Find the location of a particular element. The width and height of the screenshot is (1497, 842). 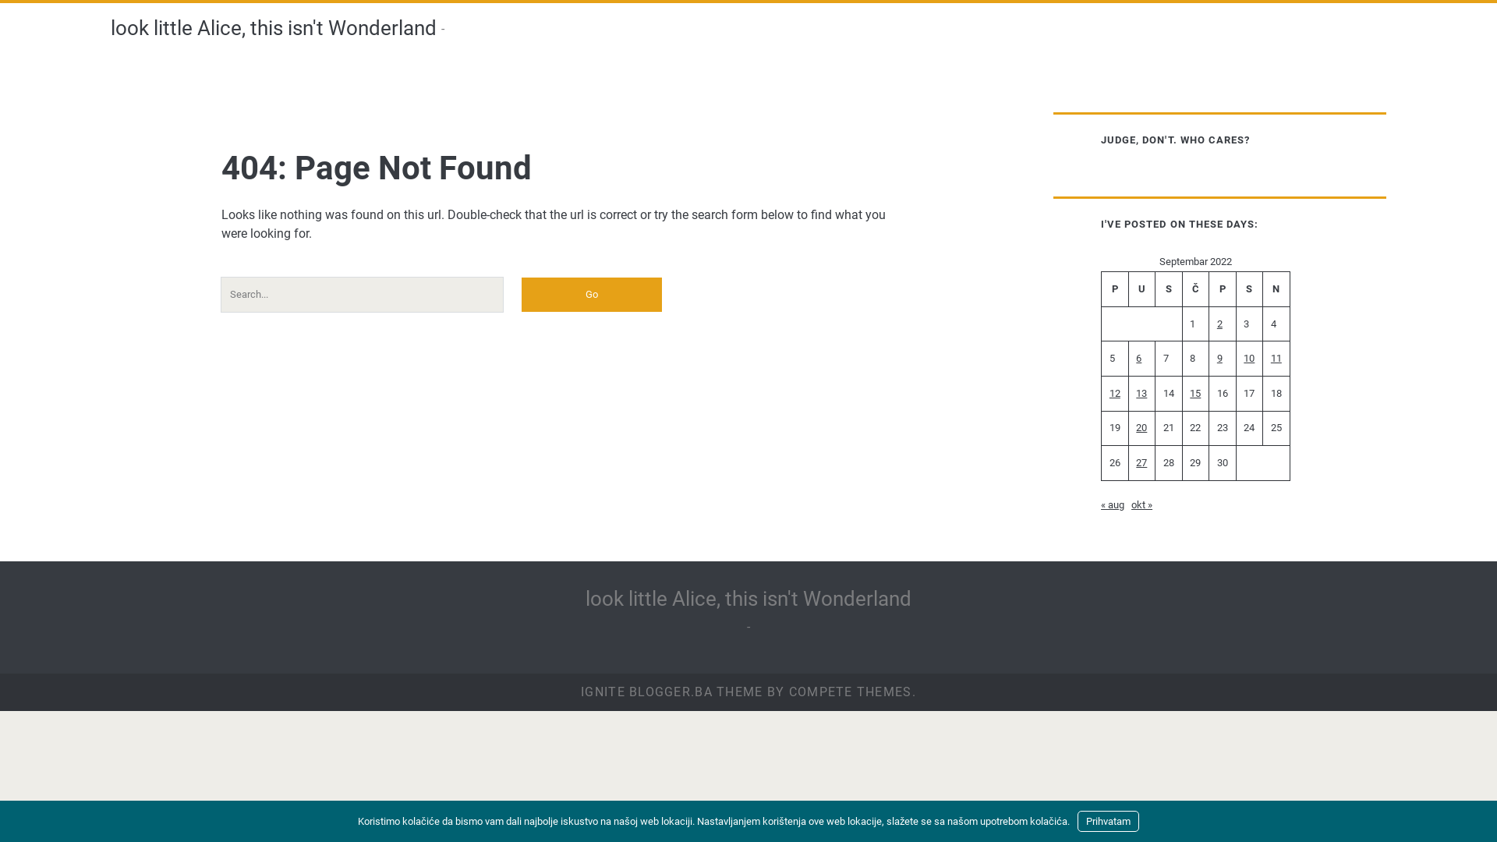

'15' is located at coordinates (1194, 392).